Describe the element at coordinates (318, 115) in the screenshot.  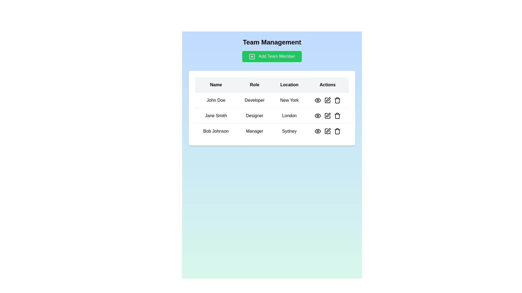
I see `the leftmost action icon button in the second row of the table under the 'Actions' column` at that location.